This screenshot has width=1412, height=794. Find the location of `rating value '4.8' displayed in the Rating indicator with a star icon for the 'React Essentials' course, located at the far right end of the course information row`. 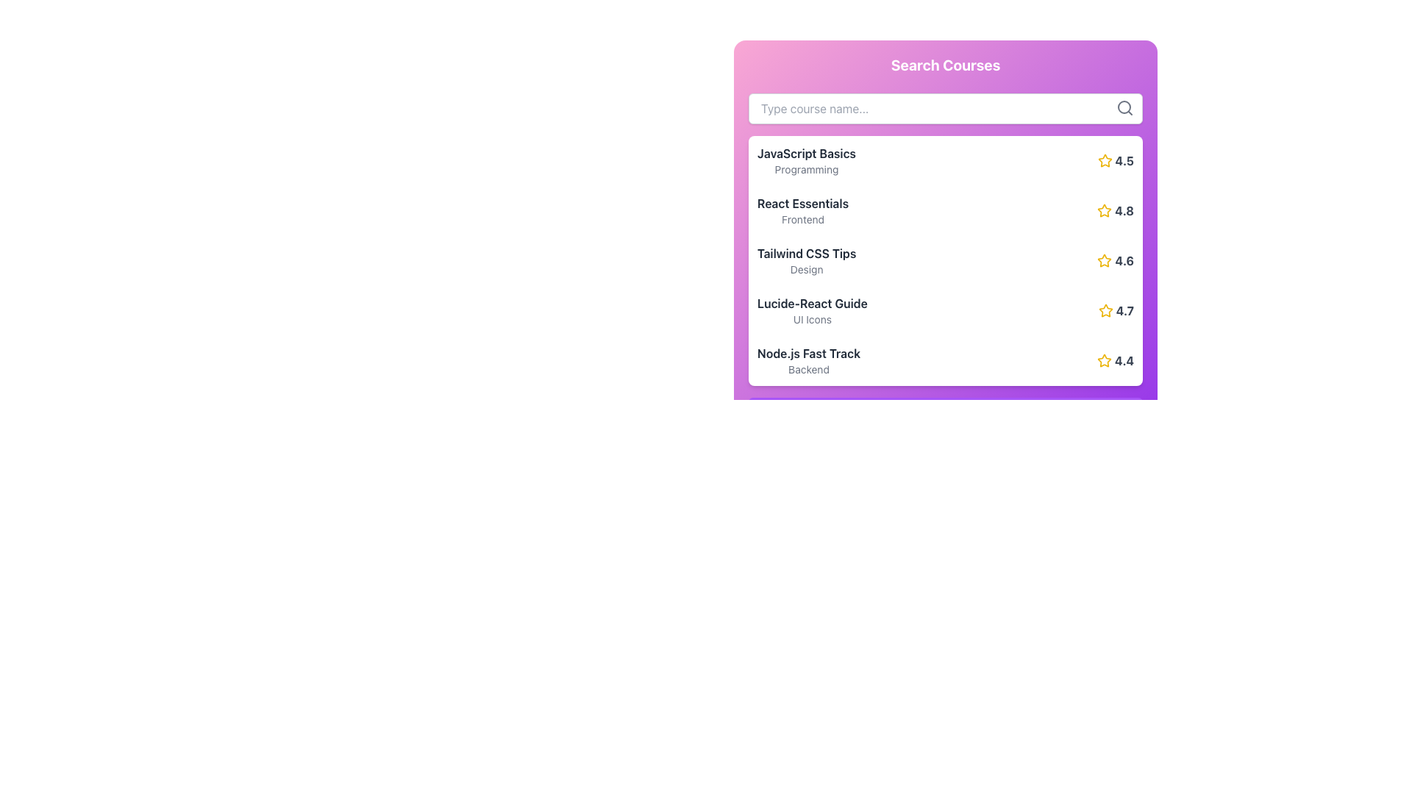

rating value '4.8' displayed in the Rating indicator with a star icon for the 'React Essentials' course, located at the far right end of the course information row is located at coordinates (1116, 210).